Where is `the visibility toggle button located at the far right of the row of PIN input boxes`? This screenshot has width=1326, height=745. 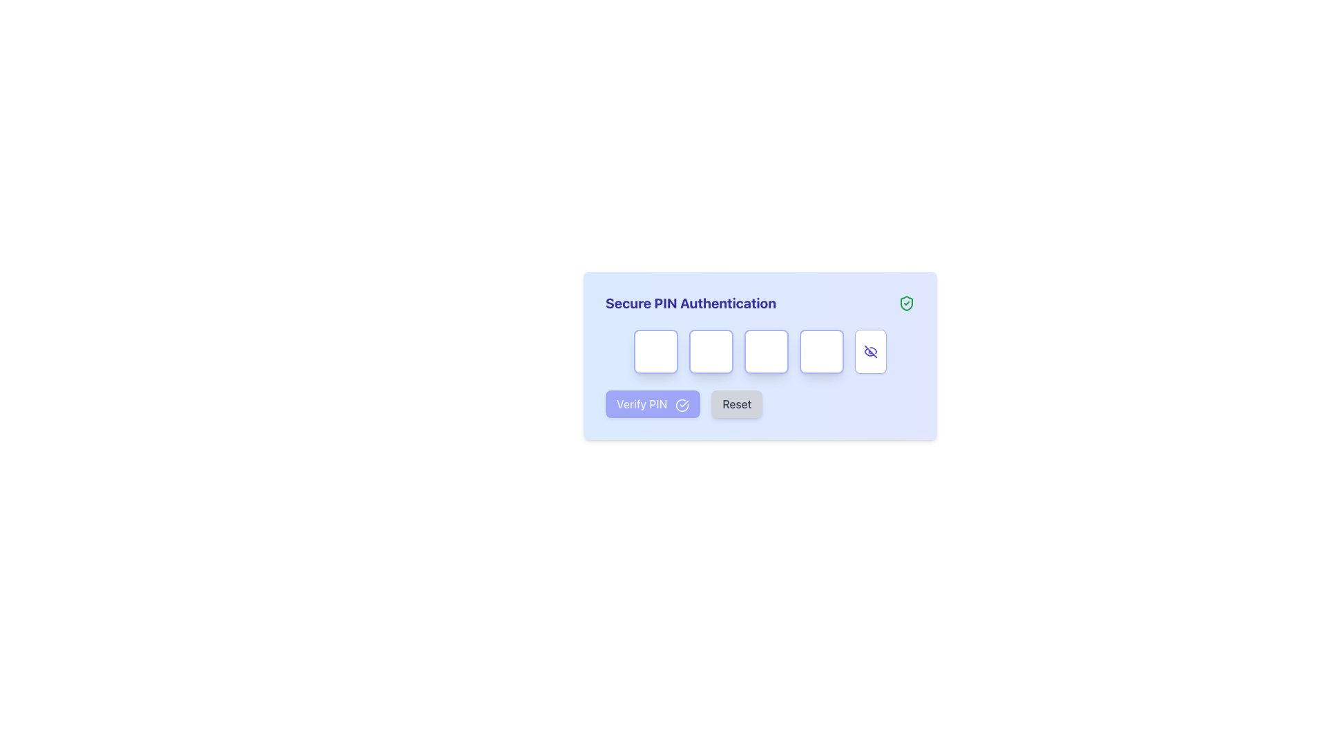 the visibility toggle button located at the far right of the row of PIN input boxes is located at coordinates (870, 350).